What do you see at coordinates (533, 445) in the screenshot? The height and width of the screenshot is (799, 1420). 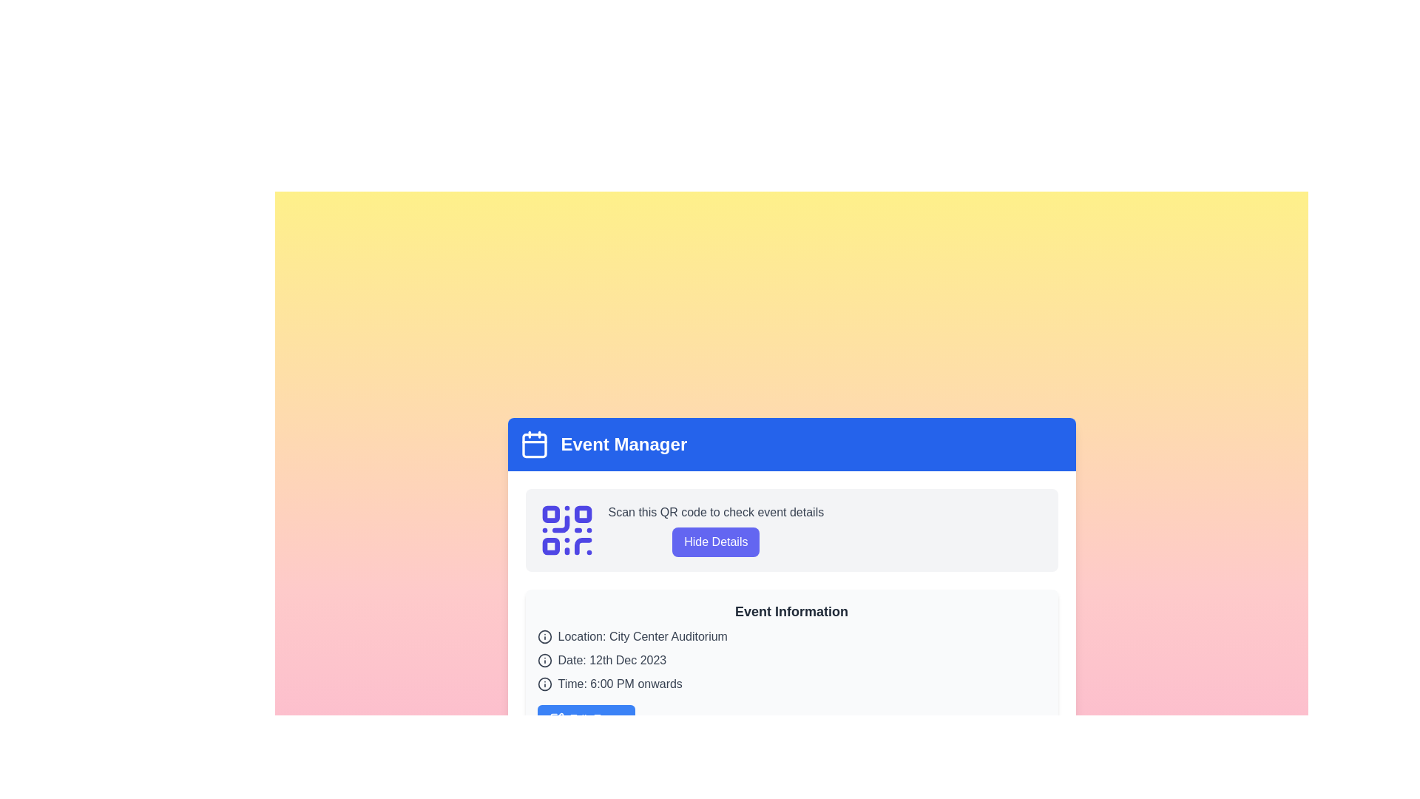 I see `the graphical rectangle within the calendar icon to interact with its decorative or contextual features` at bounding box center [533, 445].